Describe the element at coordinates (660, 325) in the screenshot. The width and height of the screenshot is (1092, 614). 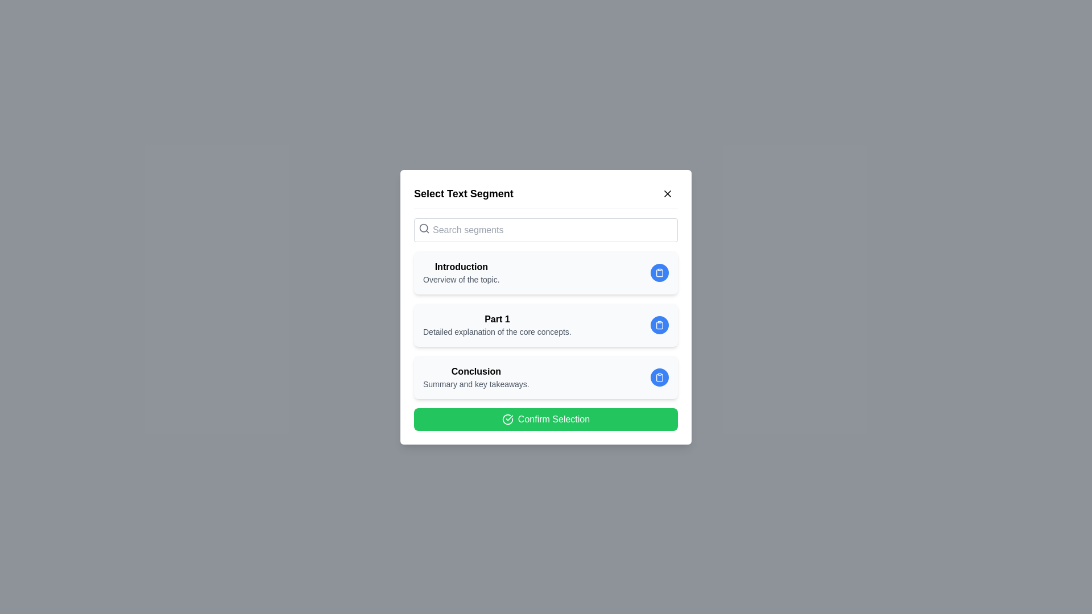
I see `the clipboard icon corresponding to the segment Part 1 to copy its information to the clipboard` at that location.